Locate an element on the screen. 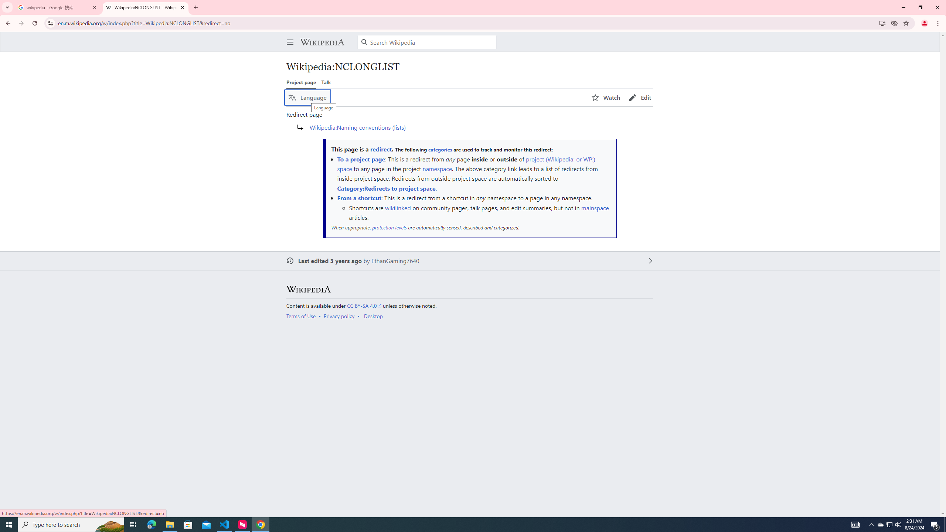  'Wikipedia:NCLONGLIST - Wikipedia' is located at coordinates (146, 7).